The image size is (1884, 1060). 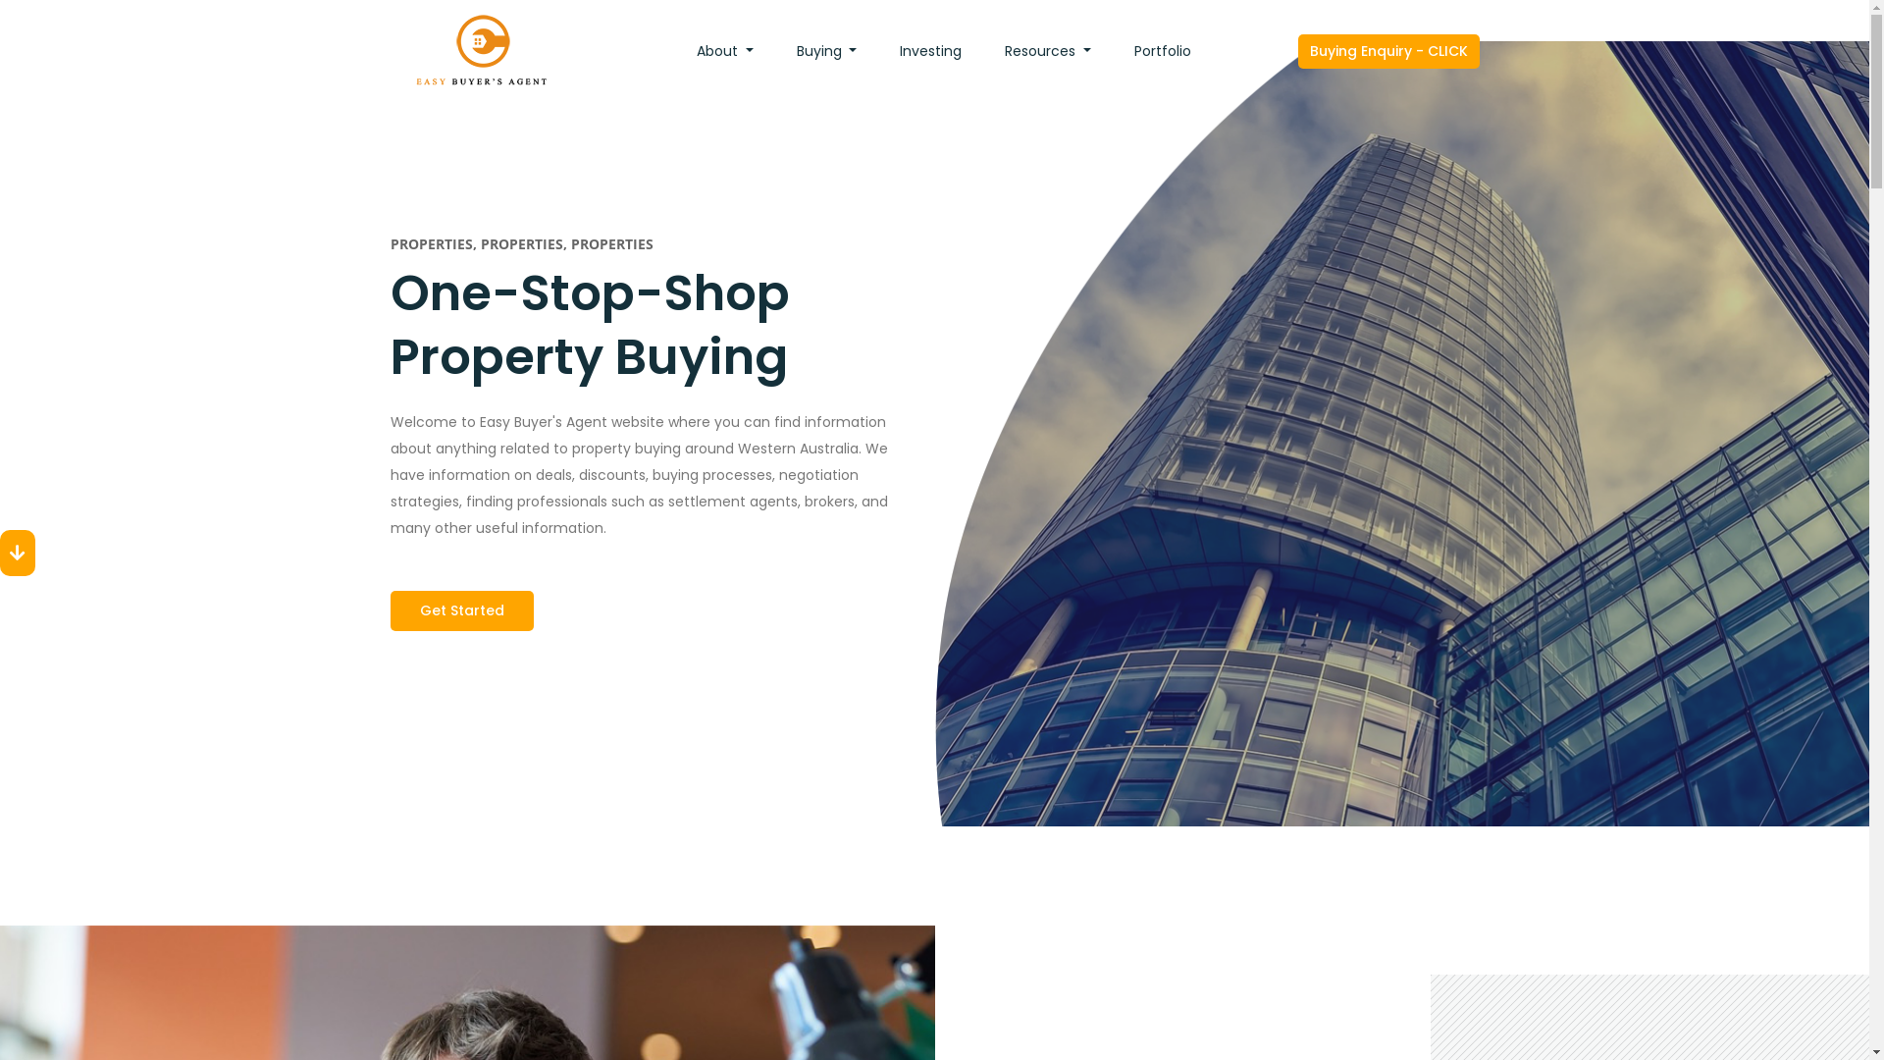 I want to click on 'Buying', so click(x=827, y=50).